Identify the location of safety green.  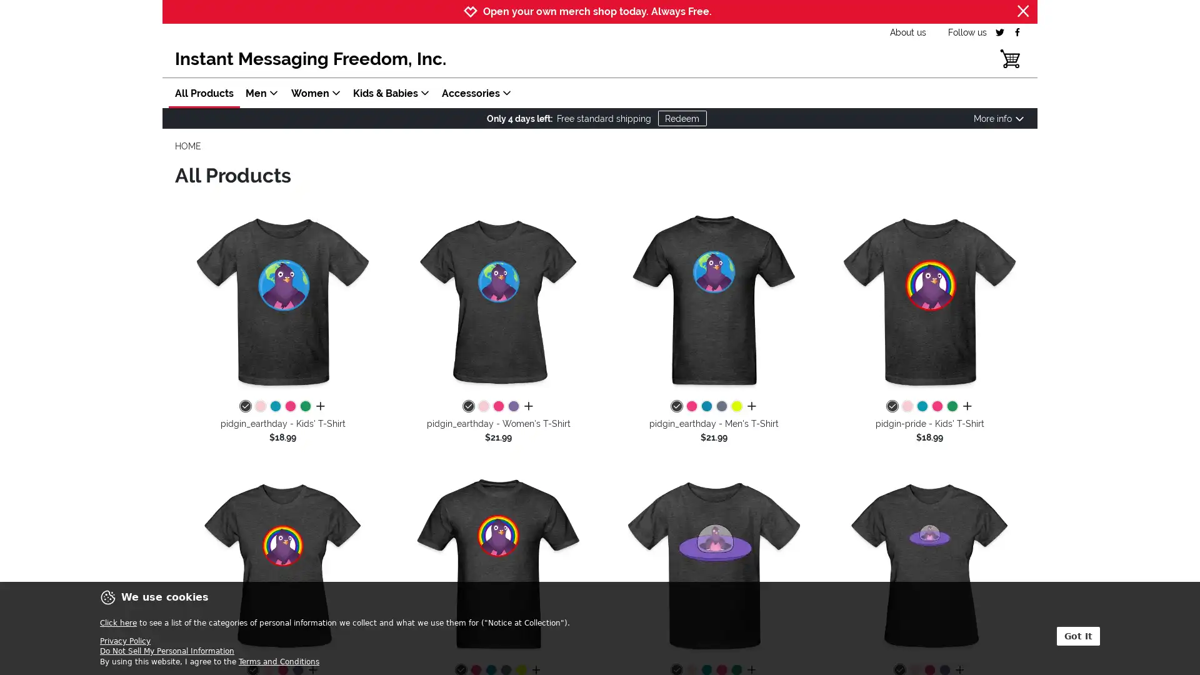
(736, 407).